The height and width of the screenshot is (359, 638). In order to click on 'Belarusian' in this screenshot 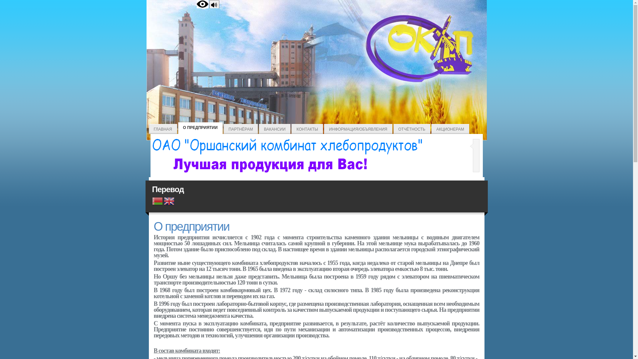, I will do `click(157, 202)`.